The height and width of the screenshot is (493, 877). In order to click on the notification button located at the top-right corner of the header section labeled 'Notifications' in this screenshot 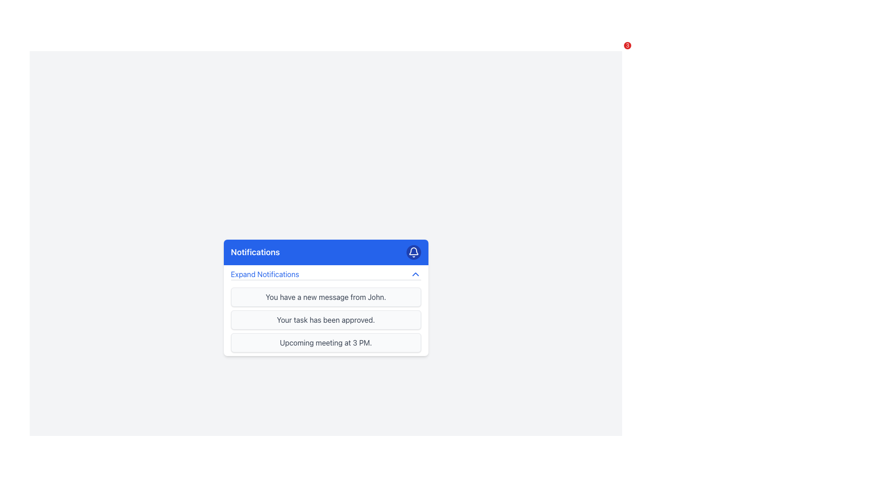, I will do `click(413, 252)`.